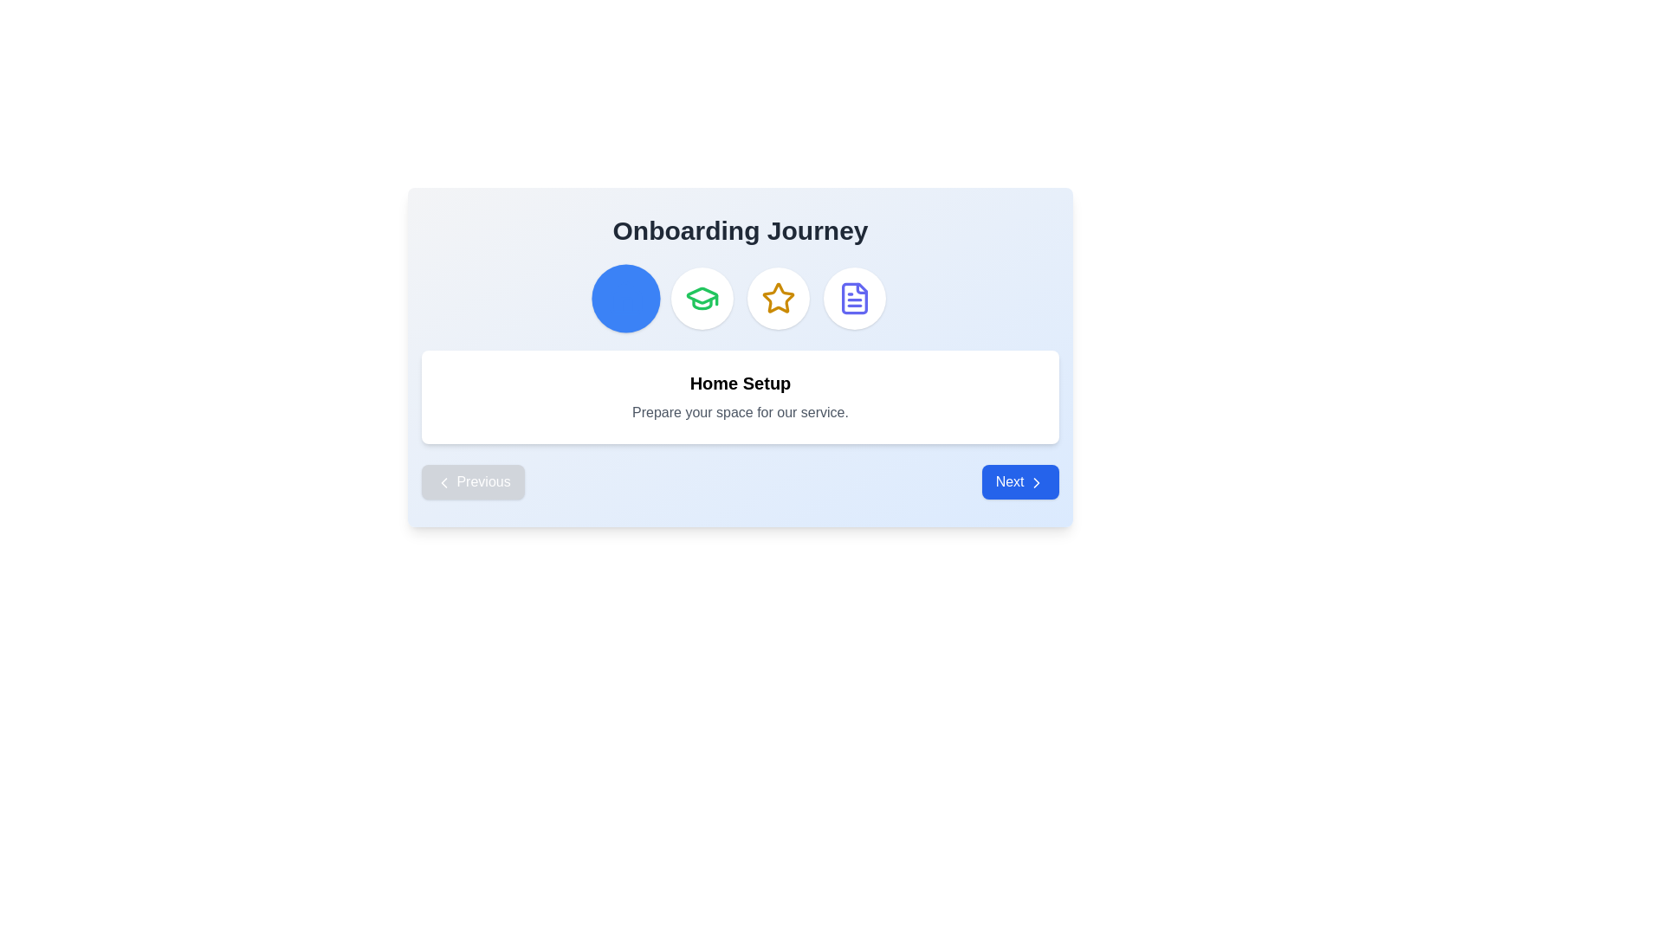  Describe the element at coordinates (625, 297) in the screenshot. I see `the leftmost circular button related to the 'Home Setup' step in the onboarding process` at that location.